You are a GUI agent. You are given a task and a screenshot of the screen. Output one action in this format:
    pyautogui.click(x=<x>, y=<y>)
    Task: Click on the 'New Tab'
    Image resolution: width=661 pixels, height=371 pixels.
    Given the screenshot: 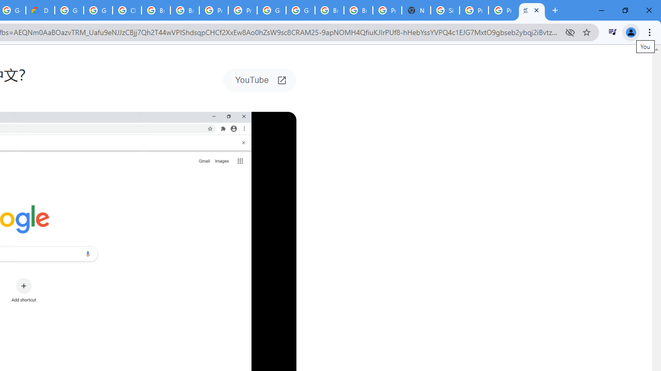 What is the action you would take?
    pyautogui.click(x=555, y=10)
    